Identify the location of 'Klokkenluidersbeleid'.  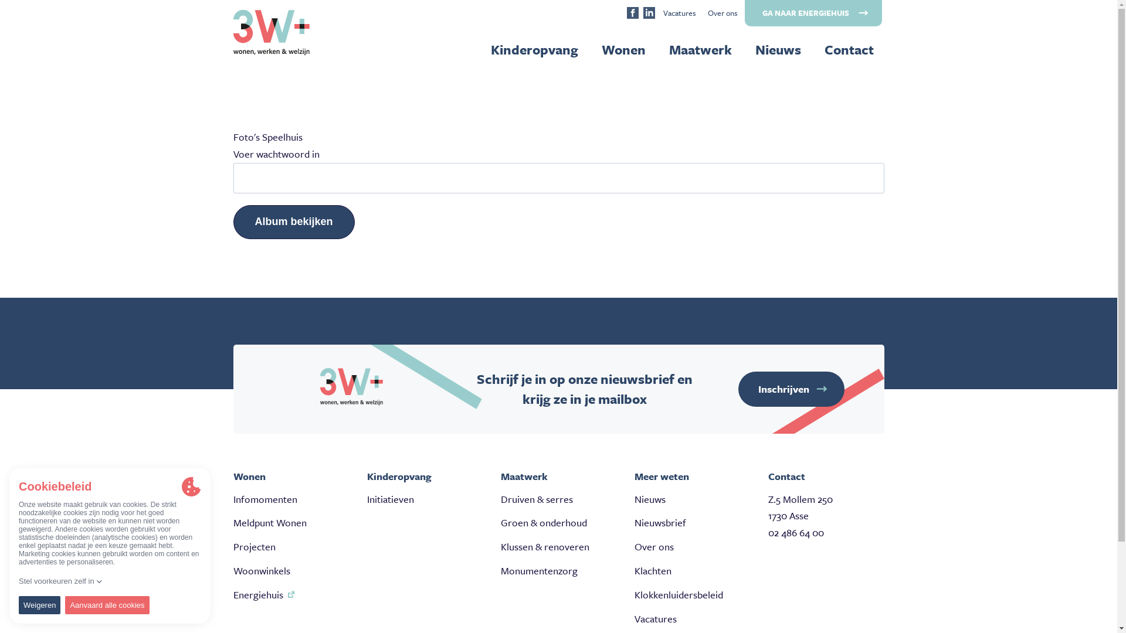
(633, 594).